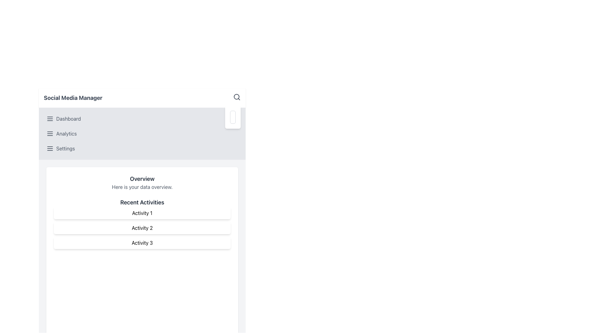  Describe the element at coordinates (142, 186) in the screenshot. I see `the Text Display element that shows 'Here is your data overview.' located beneath the 'Overview' header and above 'Recent Activities'` at that location.